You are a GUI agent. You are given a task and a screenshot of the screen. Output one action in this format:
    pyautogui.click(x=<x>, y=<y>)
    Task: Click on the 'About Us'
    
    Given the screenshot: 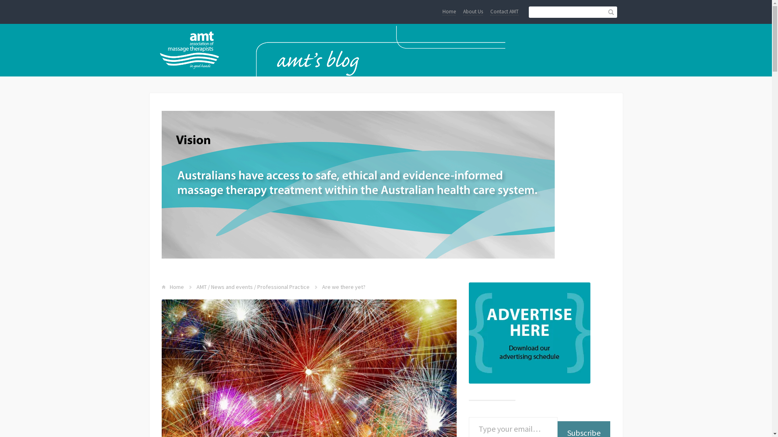 What is the action you would take?
    pyautogui.click(x=472, y=12)
    